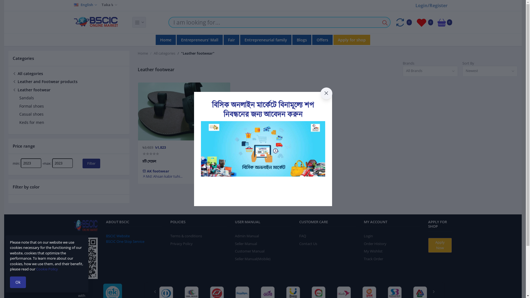 The height and width of the screenshot is (298, 530). Describe the element at coordinates (31, 122) in the screenshot. I see `'Keds for men'` at that location.